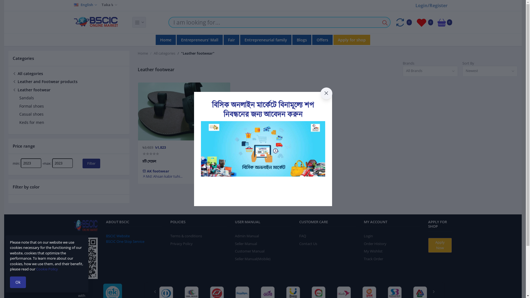 The height and width of the screenshot is (298, 530). Describe the element at coordinates (31, 122) in the screenshot. I see `'Keds for men'` at that location.